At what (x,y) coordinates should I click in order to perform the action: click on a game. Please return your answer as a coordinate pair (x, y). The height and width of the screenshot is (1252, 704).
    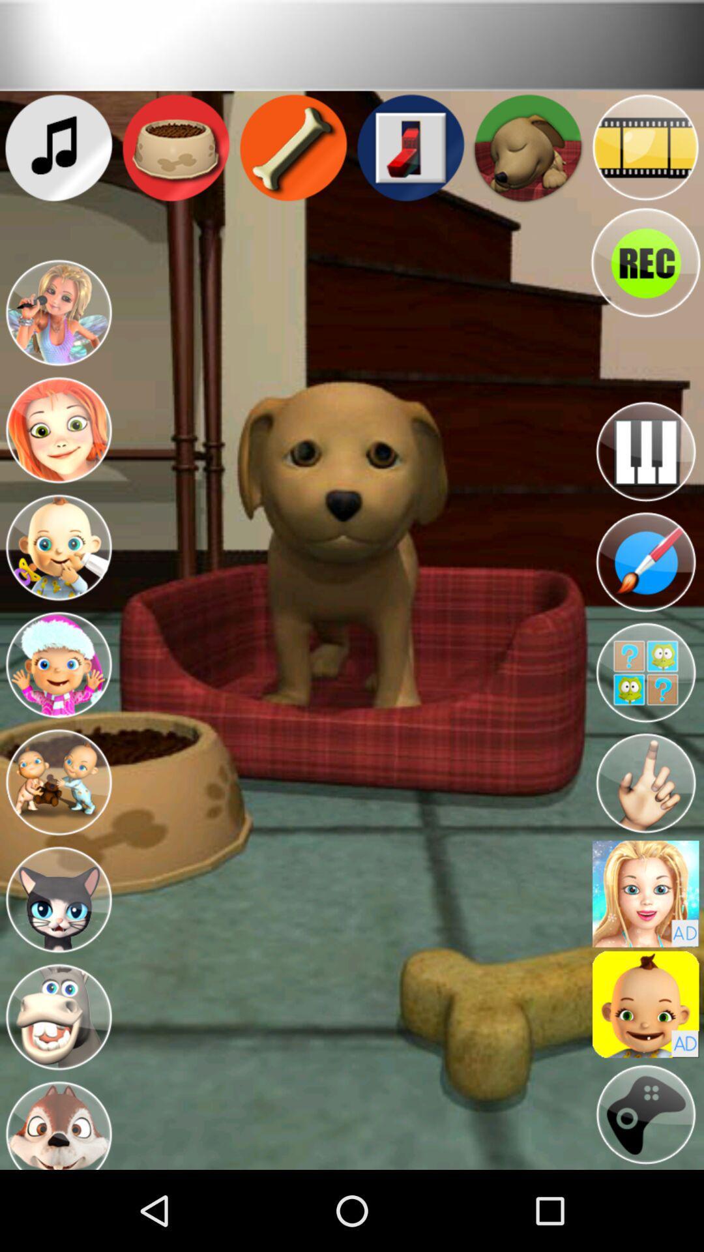
    Looking at the image, I should click on (645, 1114).